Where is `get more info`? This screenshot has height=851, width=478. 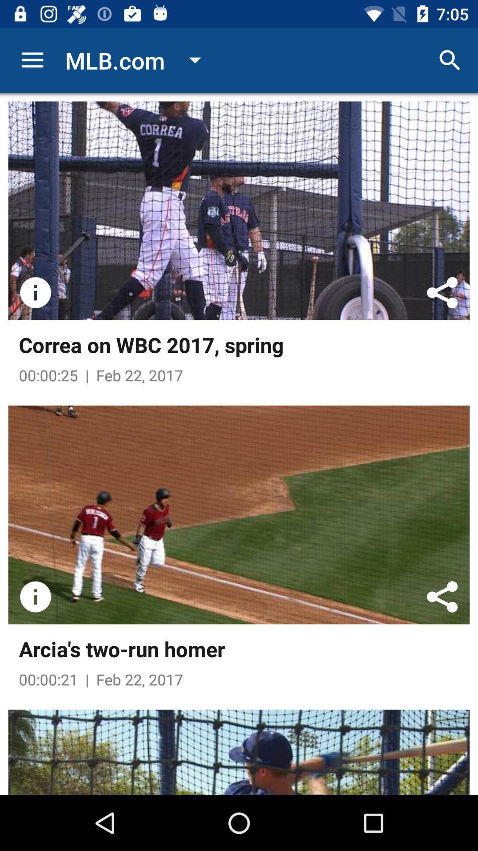 get more info is located at coordinates (35, 597).